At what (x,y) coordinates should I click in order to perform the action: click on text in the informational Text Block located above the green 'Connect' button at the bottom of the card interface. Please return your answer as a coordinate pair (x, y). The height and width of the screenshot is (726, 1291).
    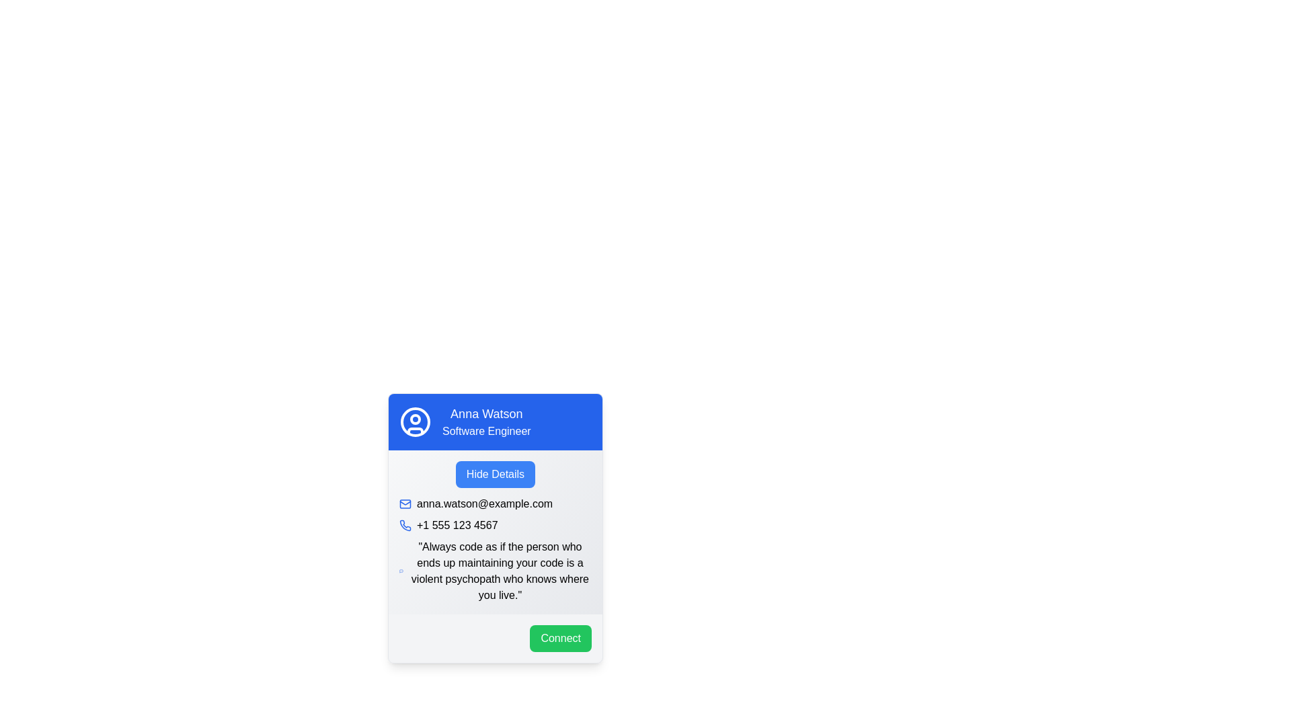
    Looking at the image, I should click on (500, 571).